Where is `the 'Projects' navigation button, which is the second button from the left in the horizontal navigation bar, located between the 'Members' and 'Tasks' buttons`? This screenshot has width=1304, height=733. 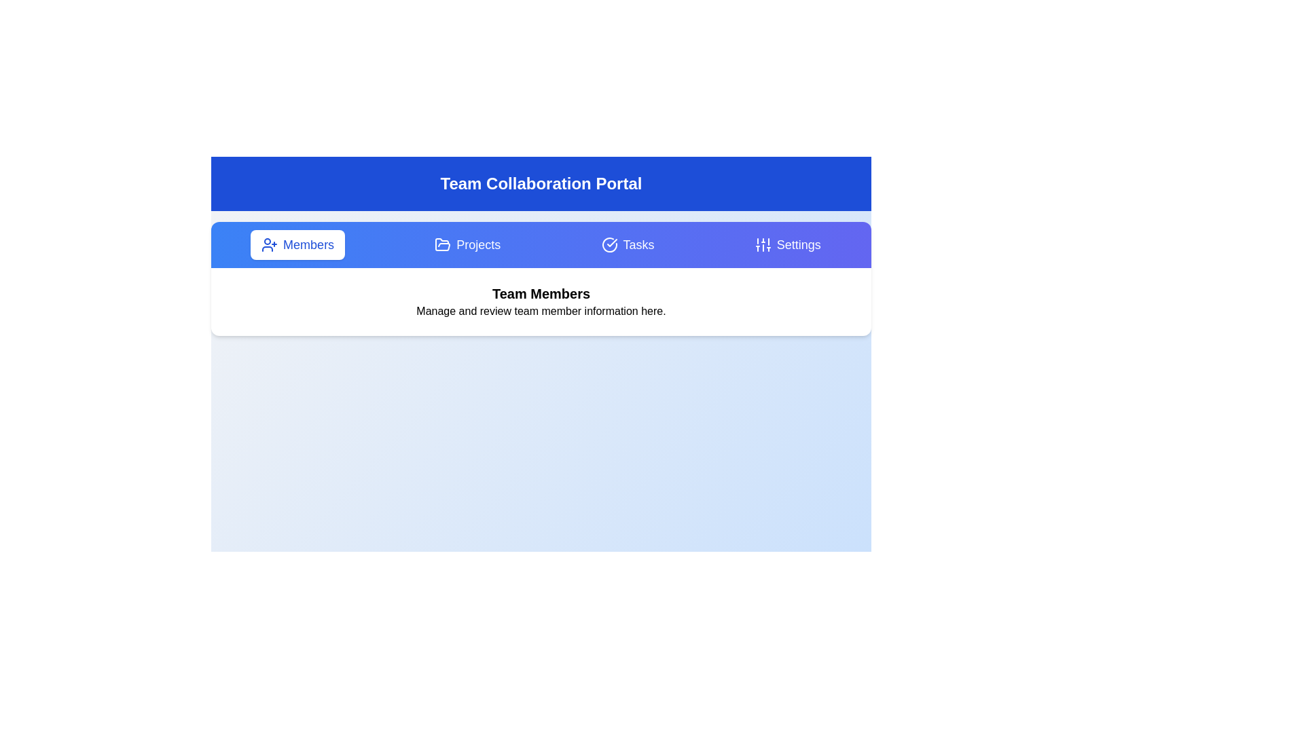 the 'Projects' navigation button, which is the second button from the left in the horizontal navigation bar, located between the 'Members' and 'Tasks' buttons is located at coordinates (467, 245).